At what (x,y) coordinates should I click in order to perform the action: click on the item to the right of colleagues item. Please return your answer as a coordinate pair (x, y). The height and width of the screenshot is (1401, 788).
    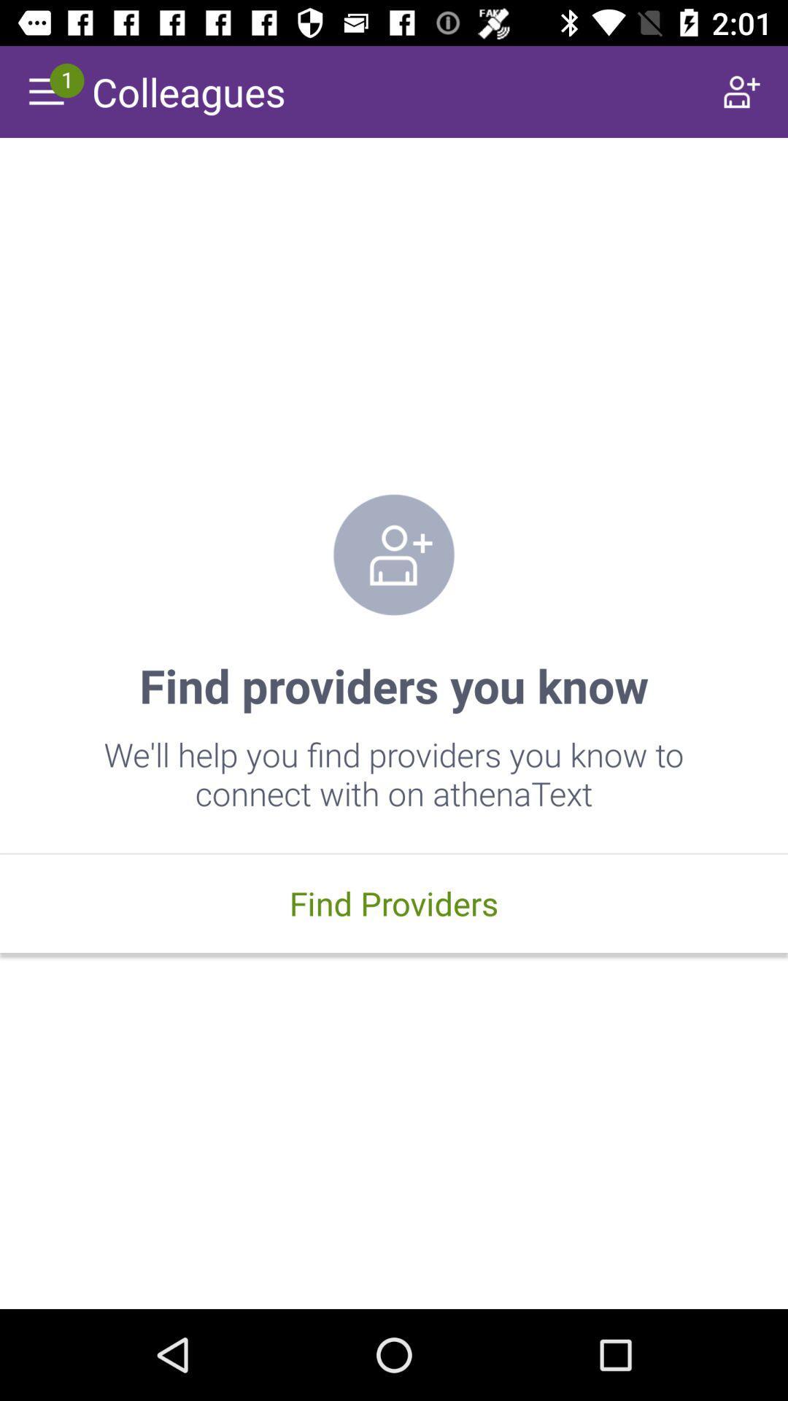
    Looking at the image, I should click on (742, 90).